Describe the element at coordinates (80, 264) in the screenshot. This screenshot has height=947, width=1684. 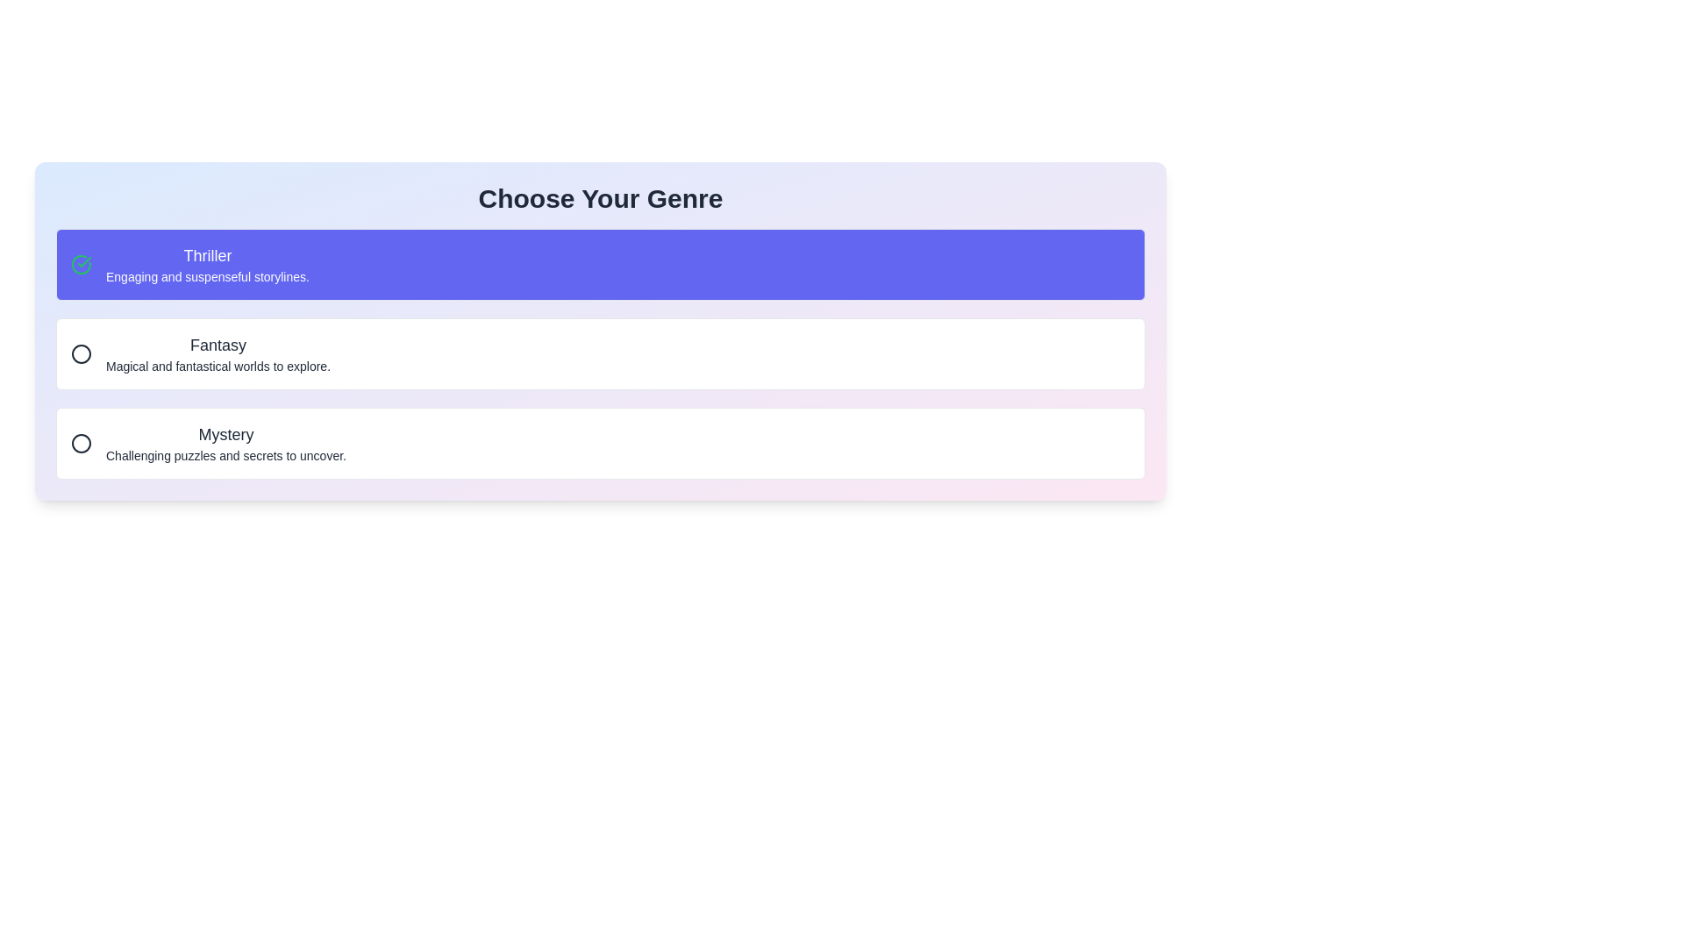
I see `the green checkmark circle icon located in the top-left region of the 'Thriller' genre label` at that location.